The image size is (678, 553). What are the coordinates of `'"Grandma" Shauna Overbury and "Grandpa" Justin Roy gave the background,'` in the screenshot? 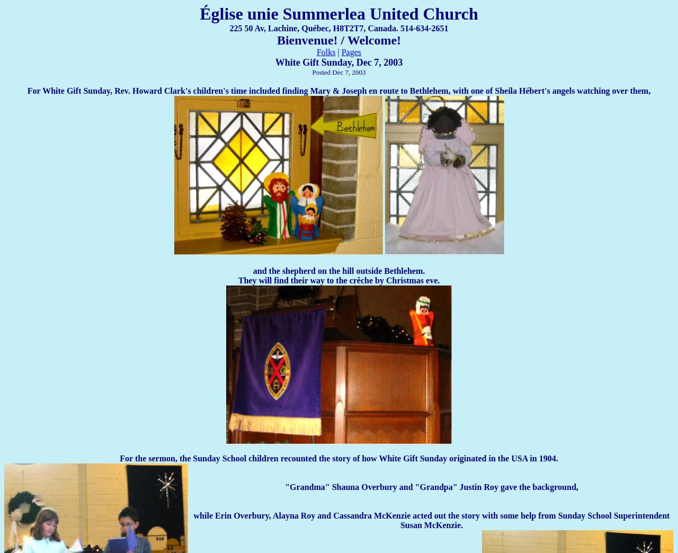 It's located at (431, 486).